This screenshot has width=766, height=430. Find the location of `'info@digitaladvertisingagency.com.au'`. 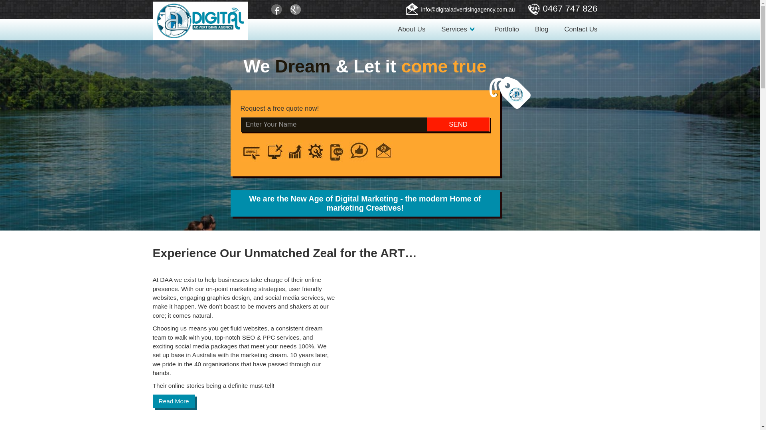

'info@digitaladvertisingagency.com.au' is located at coordinates (464, 10).